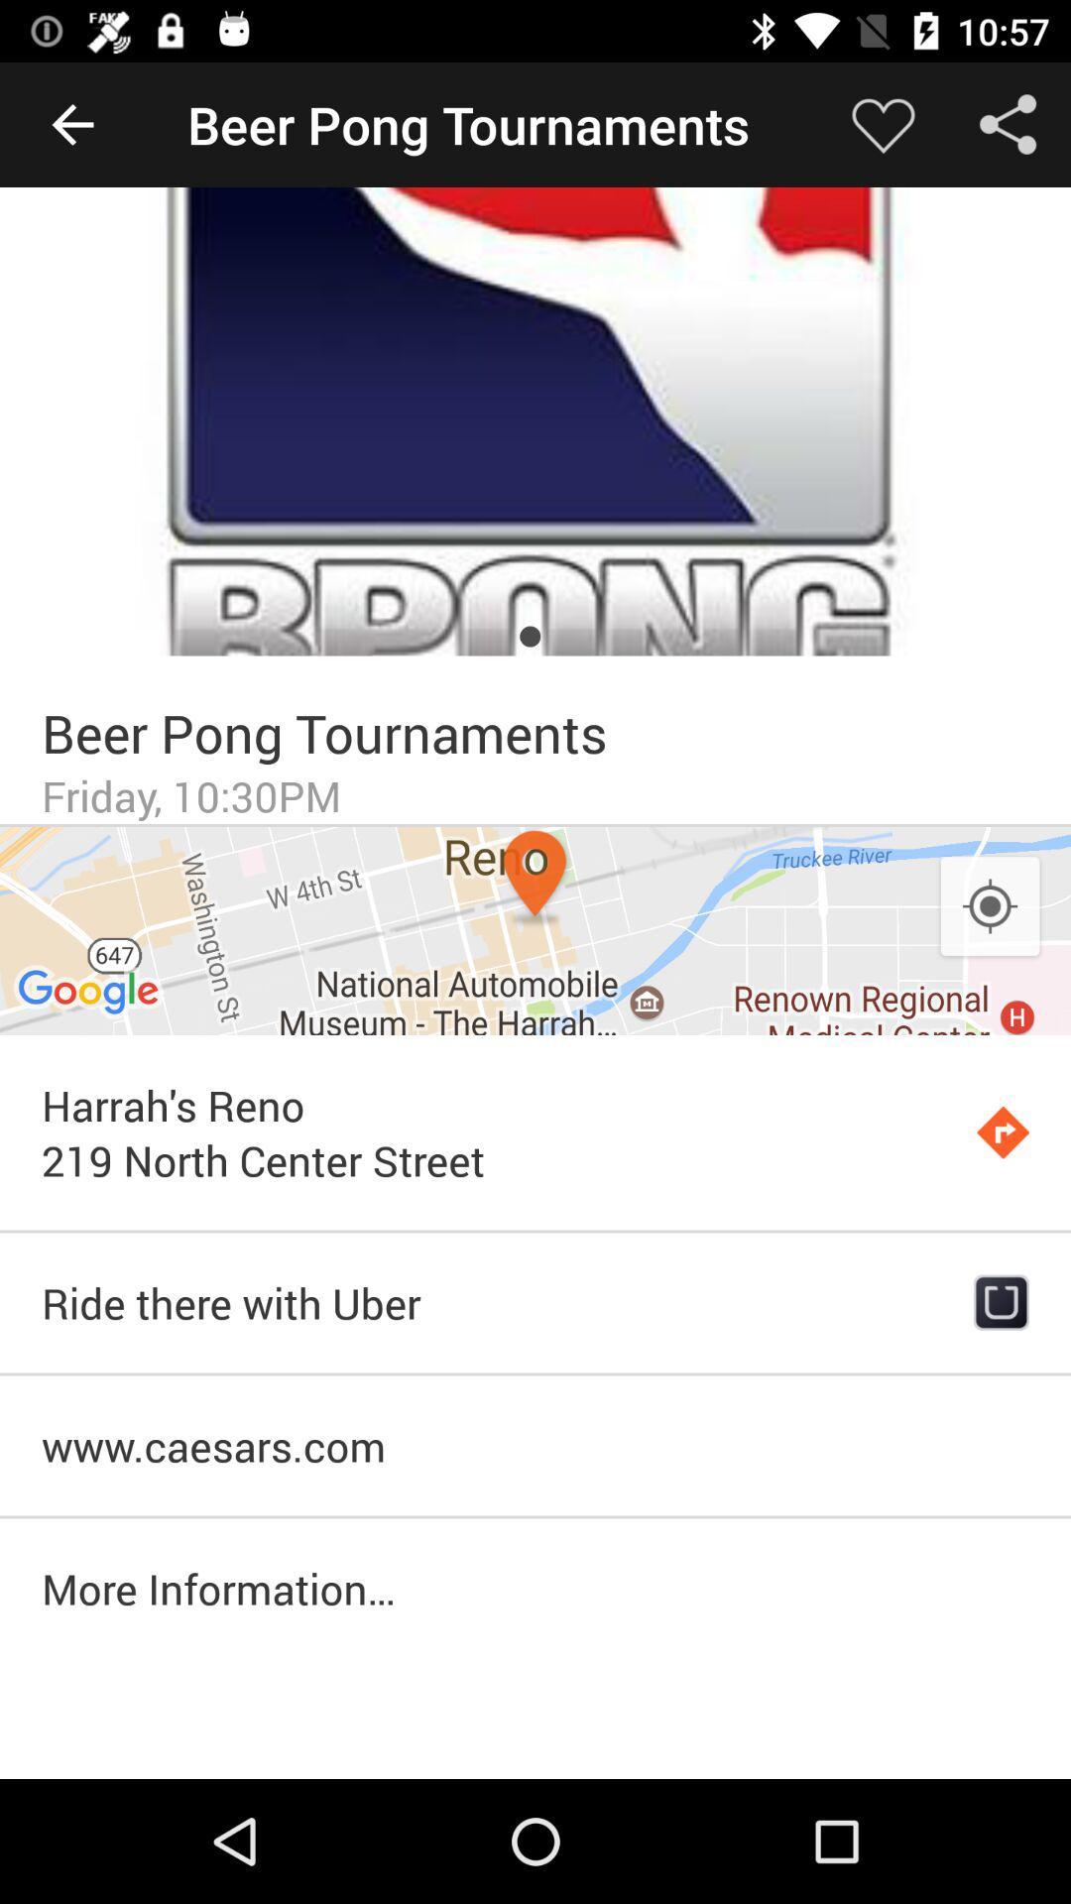  I want to click on the www.caesars.com item, so click(535, 1446).